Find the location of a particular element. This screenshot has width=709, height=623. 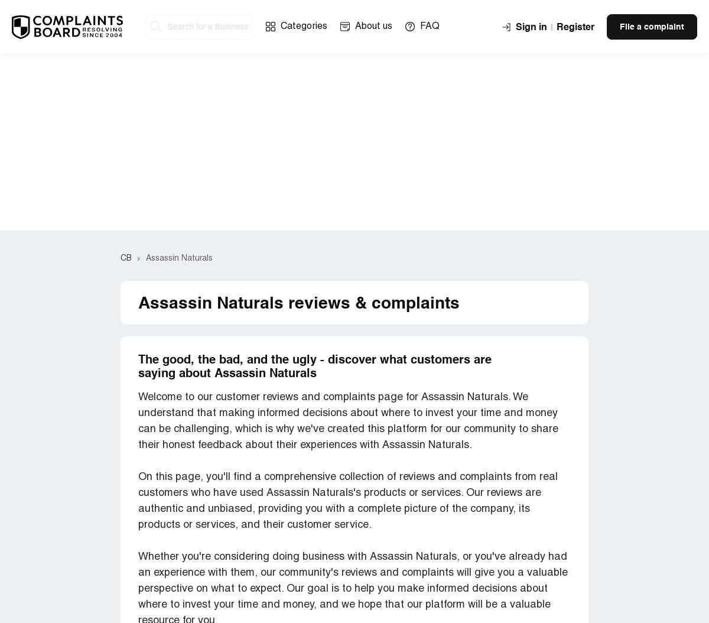

'Gambler Tobacco' is located at coordinates (177, 233).